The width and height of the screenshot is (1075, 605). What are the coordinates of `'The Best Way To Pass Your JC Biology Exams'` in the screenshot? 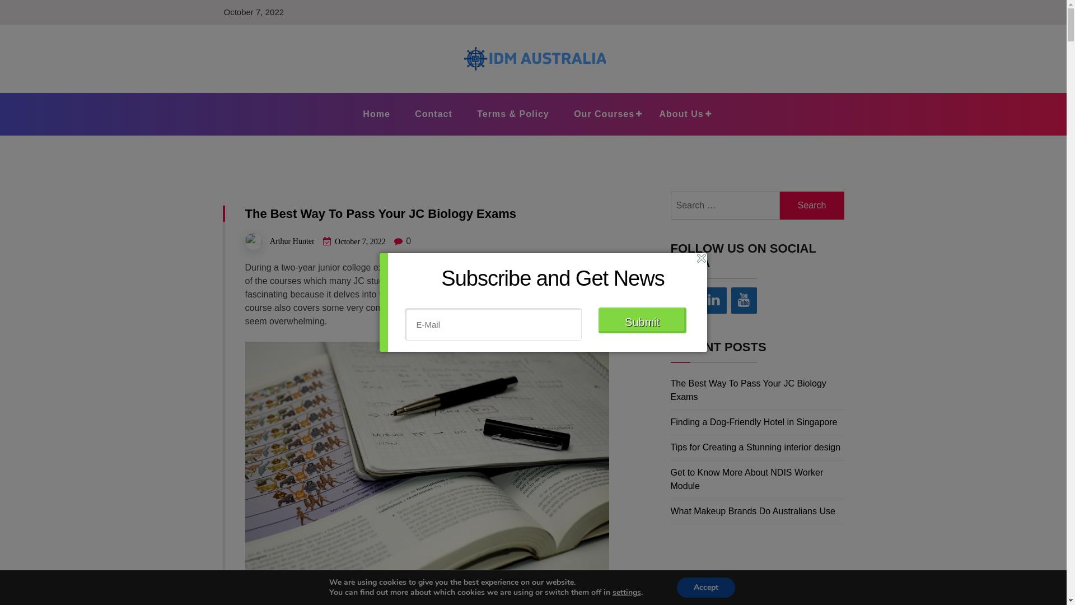 It's located at (749, 389).